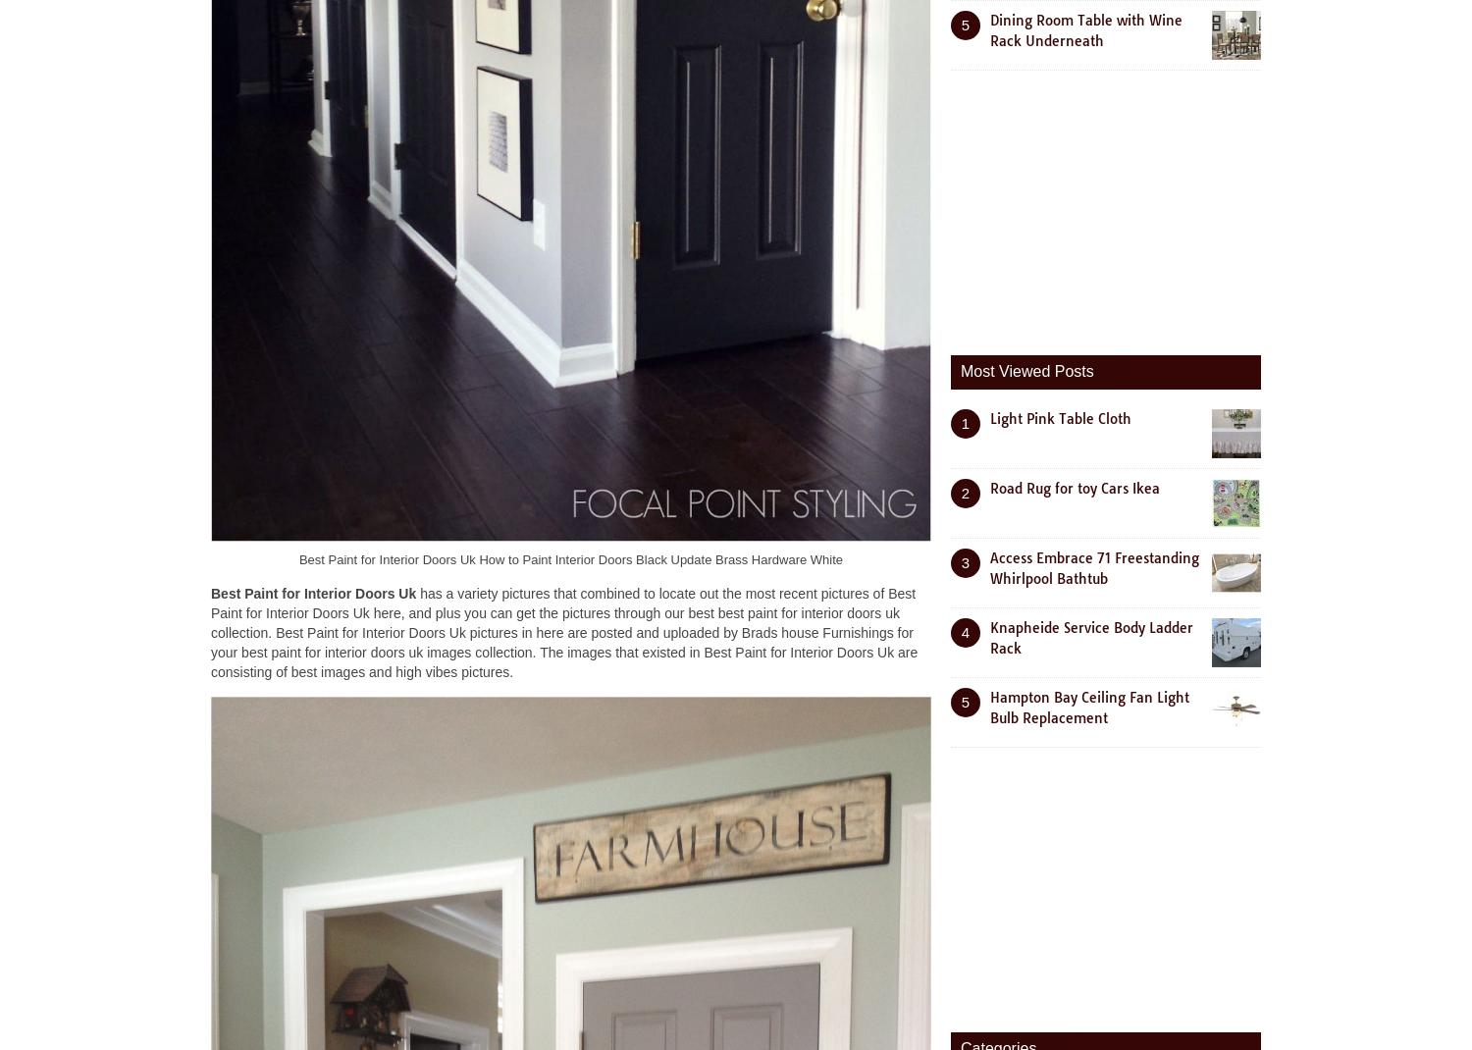 The width and height of the screenshot is (1472, 1050). I want to click on 'Access Embrace 71 Freestanding Whirlpool Bathtub', so click(990, 566).